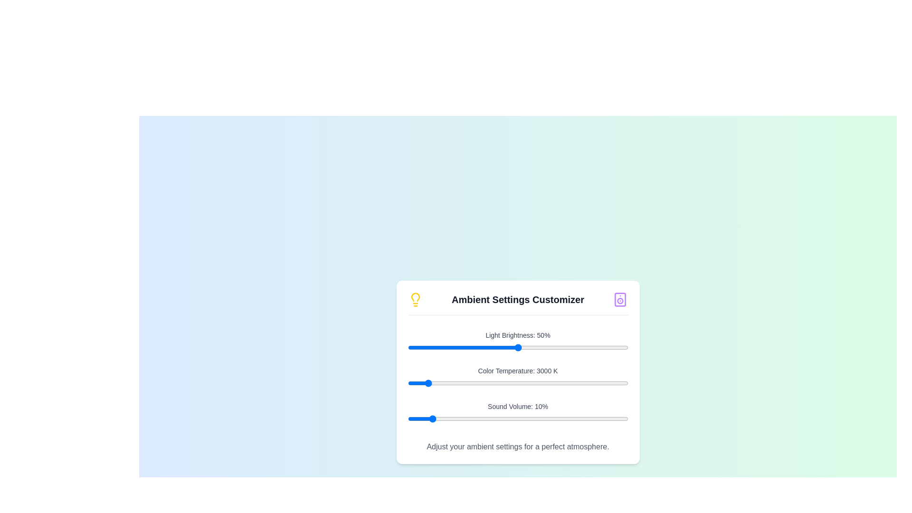 The image size is (912, 513). Describe the element at coordinates (540, 348) in the screenshot. I see `the light brightness` at that location.